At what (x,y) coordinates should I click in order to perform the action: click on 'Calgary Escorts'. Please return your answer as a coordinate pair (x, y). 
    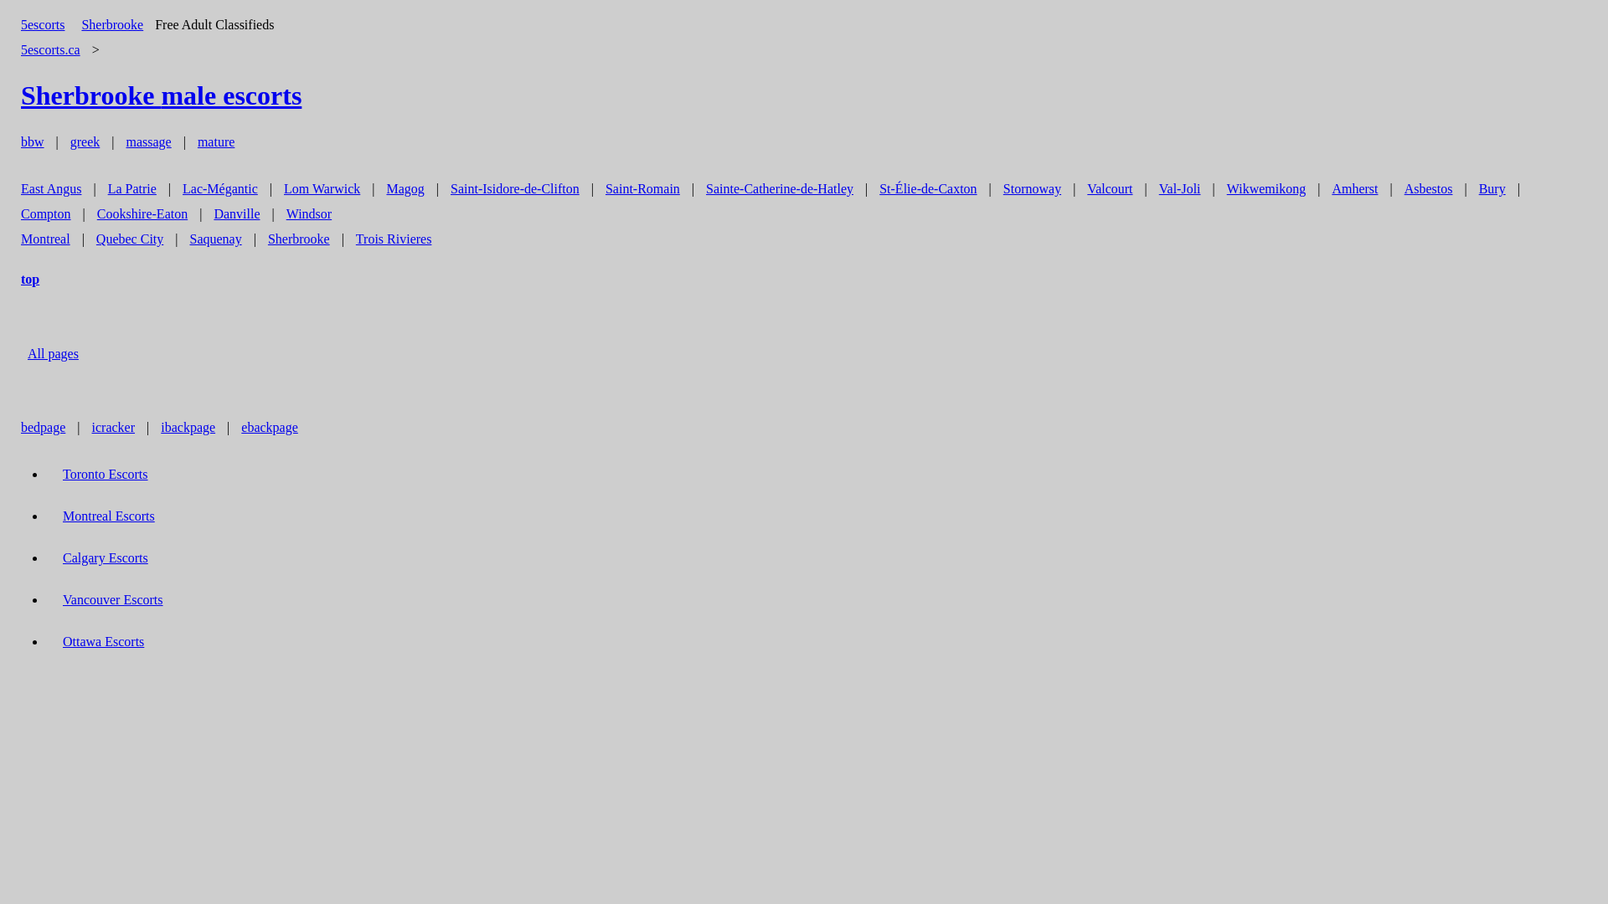
    Looking at the image, I should click on (104, 557).